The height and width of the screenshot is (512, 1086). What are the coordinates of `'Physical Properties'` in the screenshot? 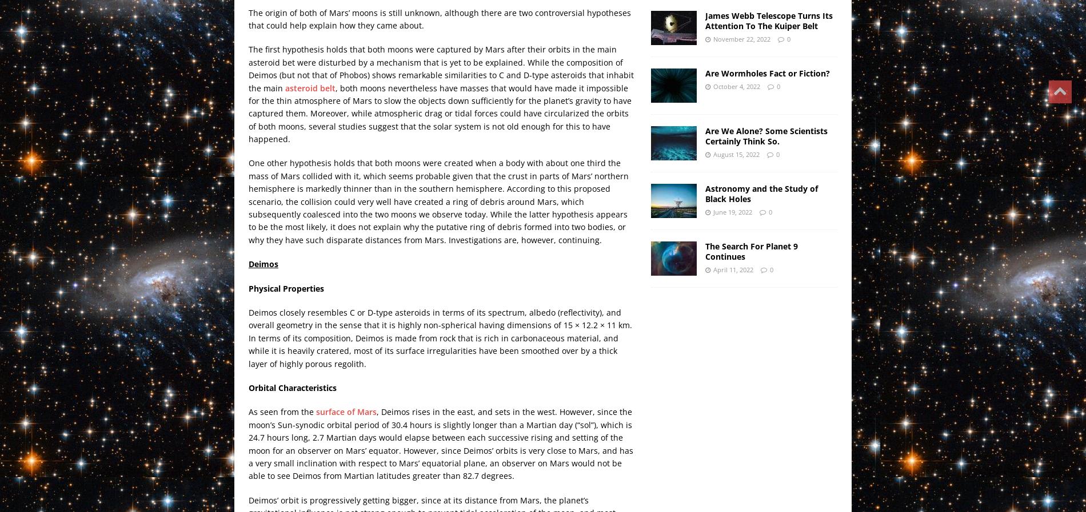 It's located at (286, 288).